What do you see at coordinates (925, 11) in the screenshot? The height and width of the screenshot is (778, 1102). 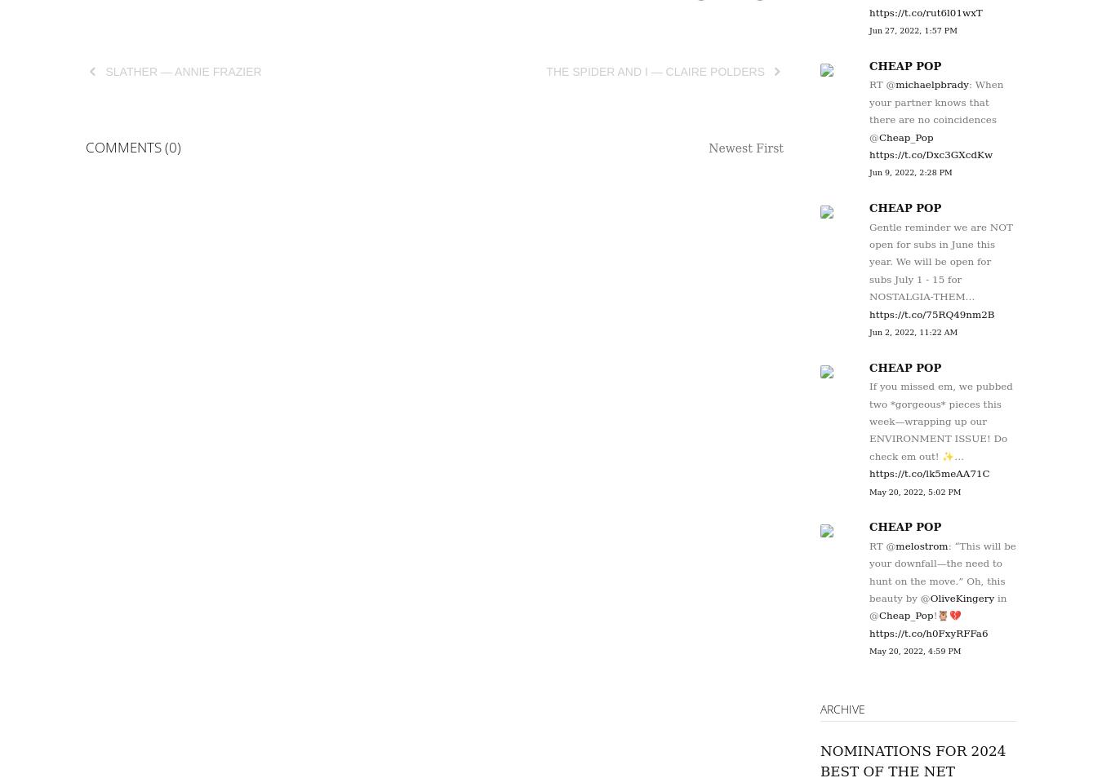 I see `'https://t.co/rut6l01wxT'` at bounding box center [925, 11].